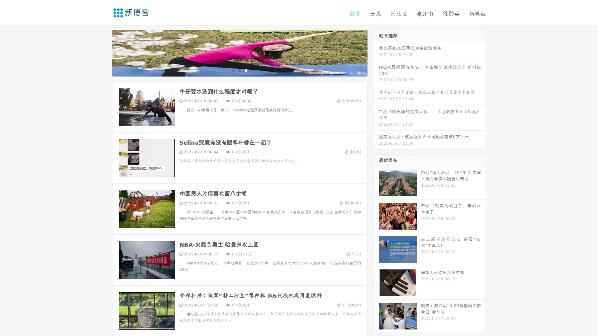 The image size is (598, 336). I want to click on Go to slide 1, so click(233, 70).